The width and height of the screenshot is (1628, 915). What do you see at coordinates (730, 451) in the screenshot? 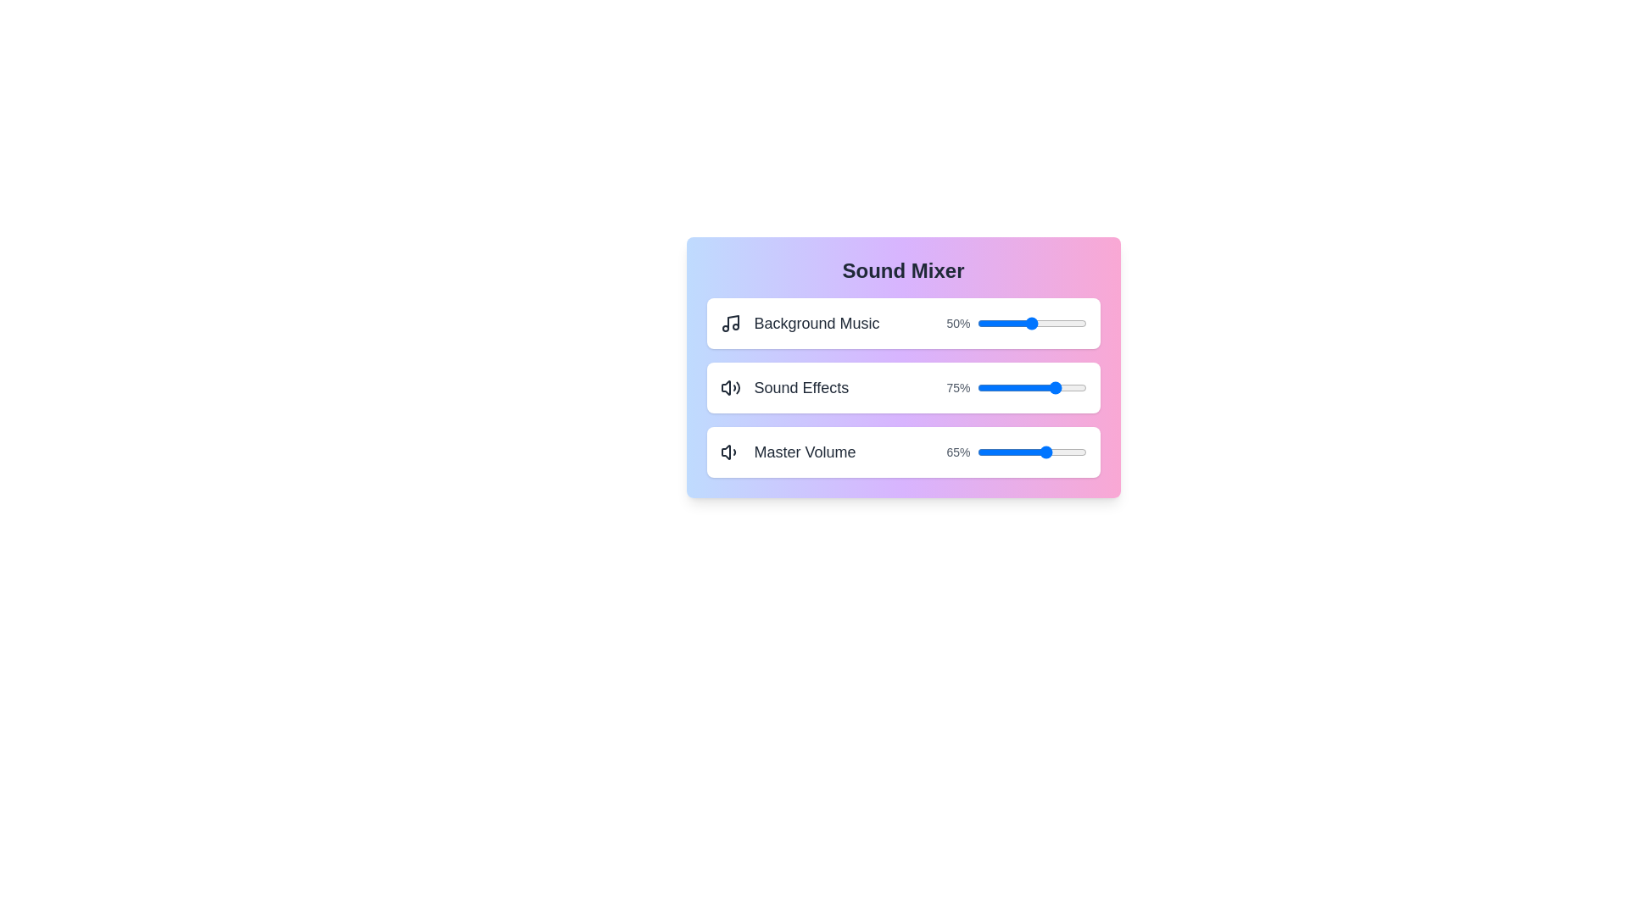
I see `the sound control icon for Master Volume` at bounding box center [730, 451].